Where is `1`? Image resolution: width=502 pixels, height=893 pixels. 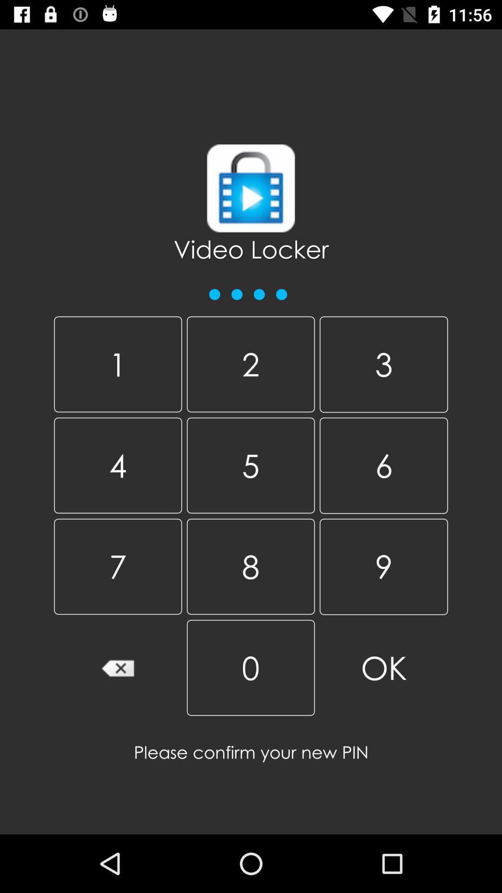 1 is located at coordinates (117, 364).